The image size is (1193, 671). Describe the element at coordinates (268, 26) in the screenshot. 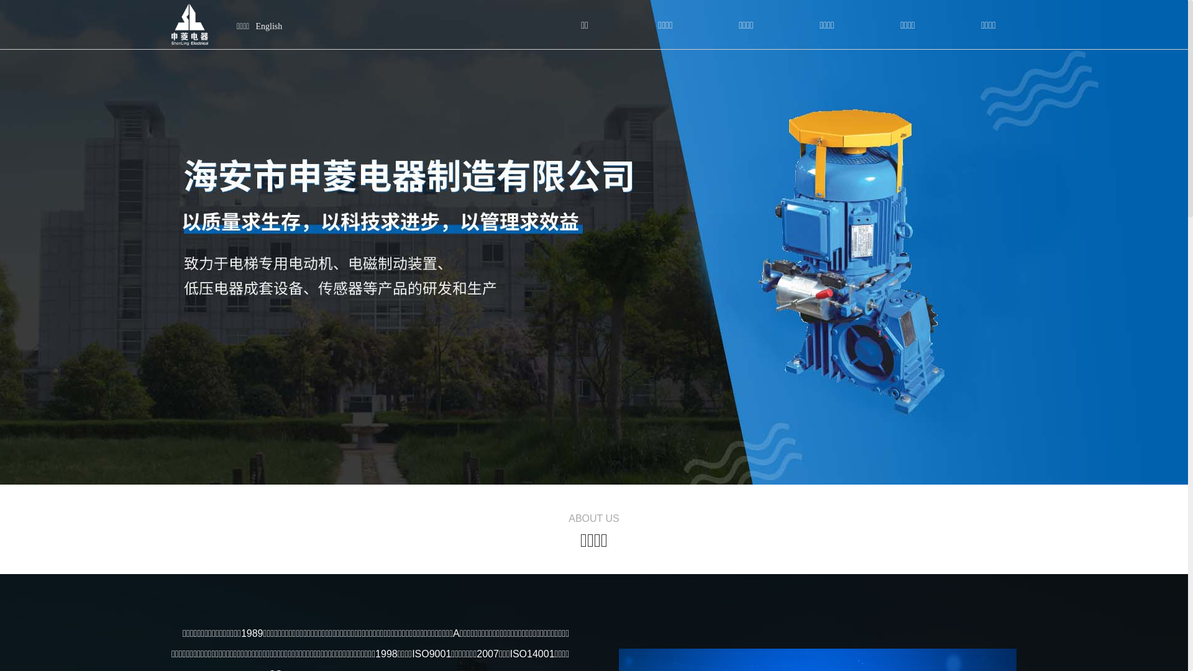

I see `'English'` at that location.